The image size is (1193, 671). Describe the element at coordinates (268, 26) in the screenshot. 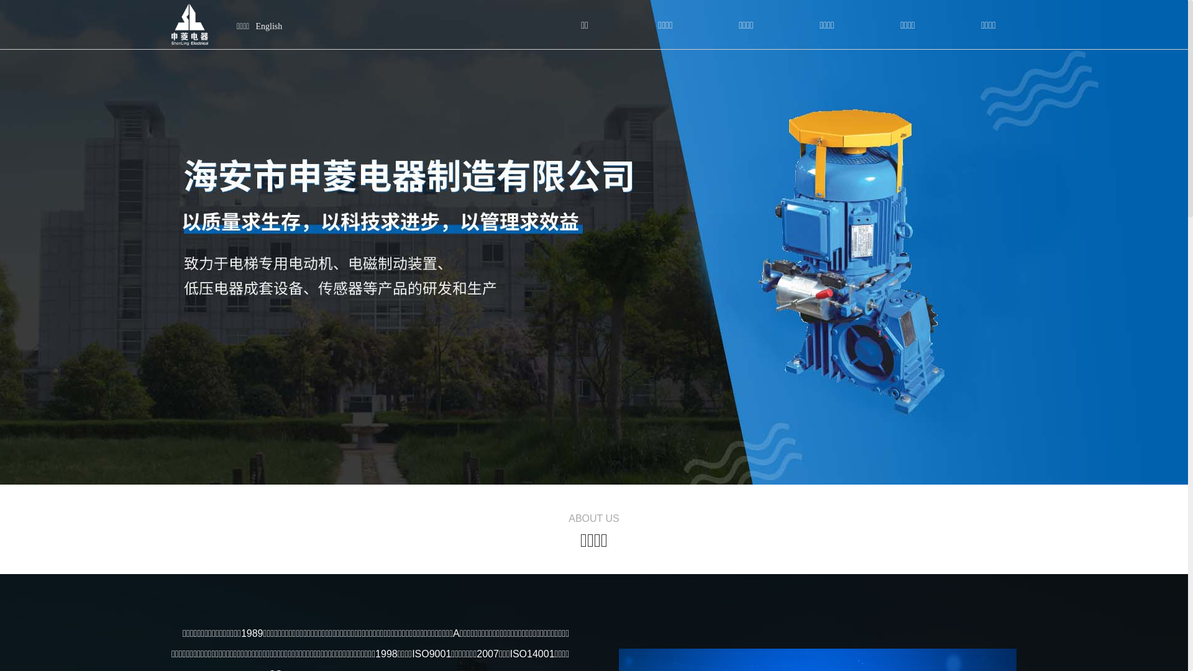

I see `'English'` at that location.